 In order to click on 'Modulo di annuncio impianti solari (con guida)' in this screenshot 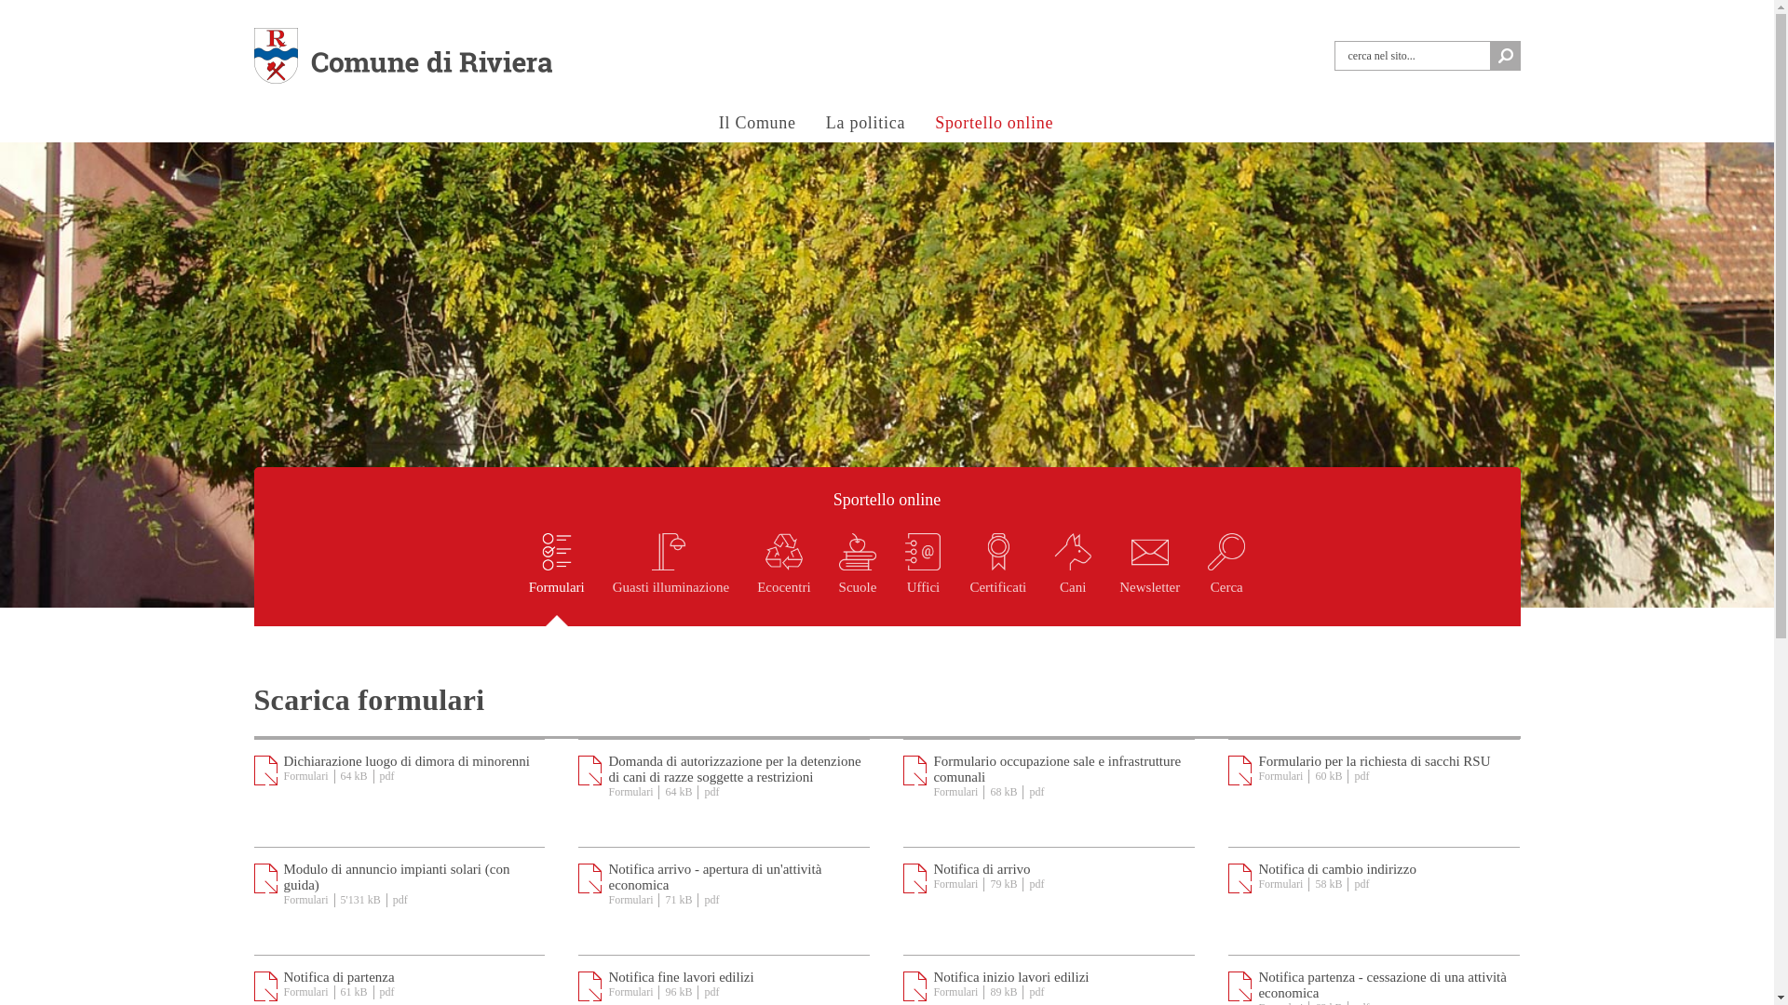, I will do `click(395, 877)`.